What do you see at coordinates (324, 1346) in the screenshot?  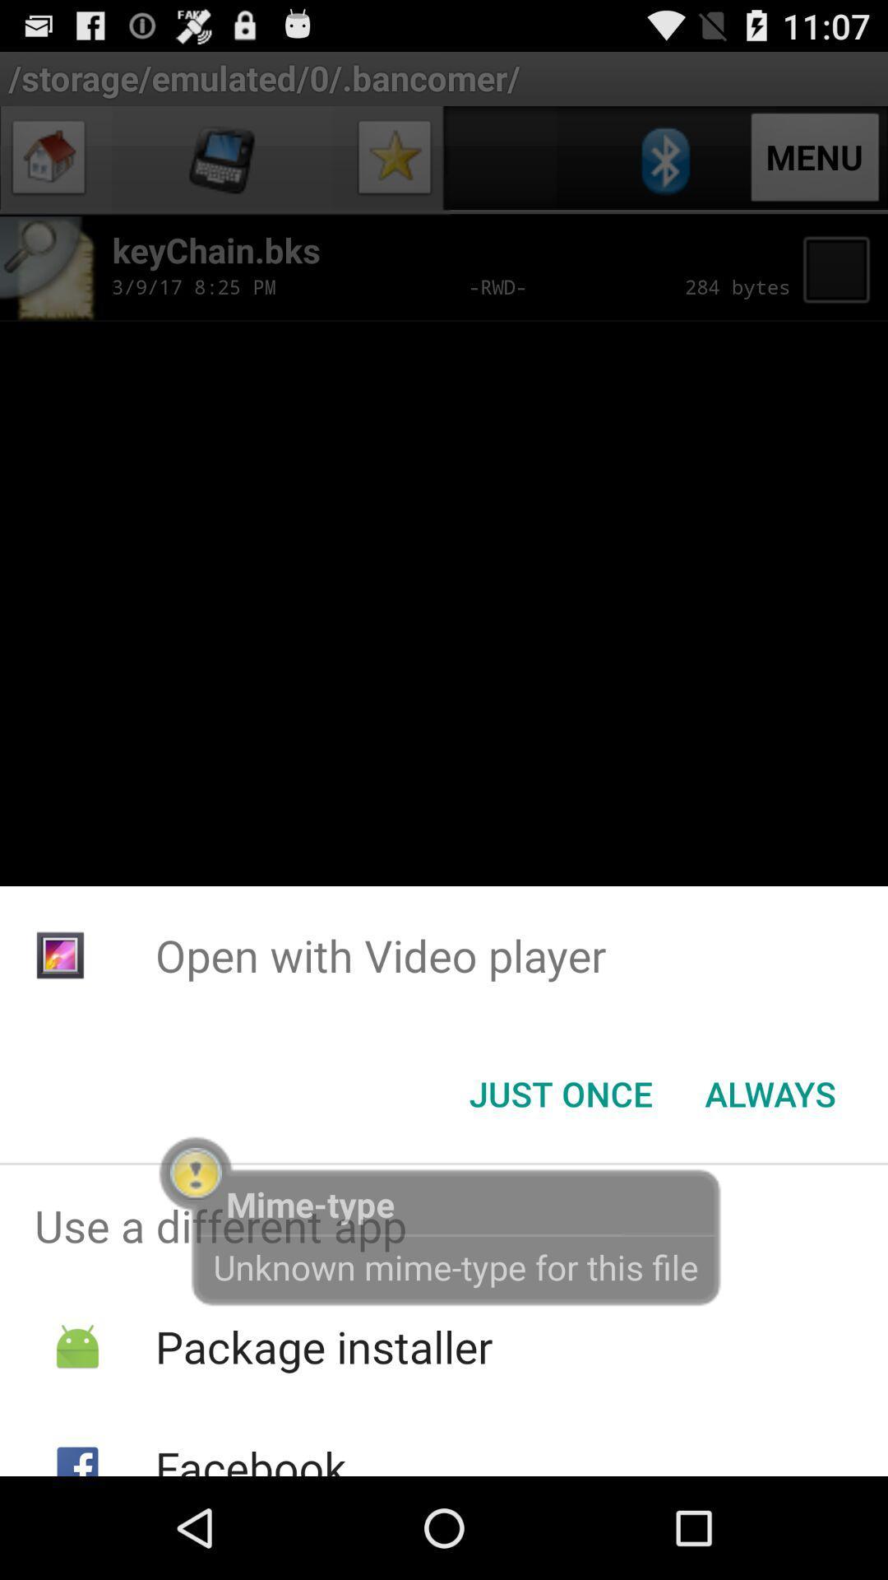 I see `icon above facebook icon` at bounding box center [324, 1346].